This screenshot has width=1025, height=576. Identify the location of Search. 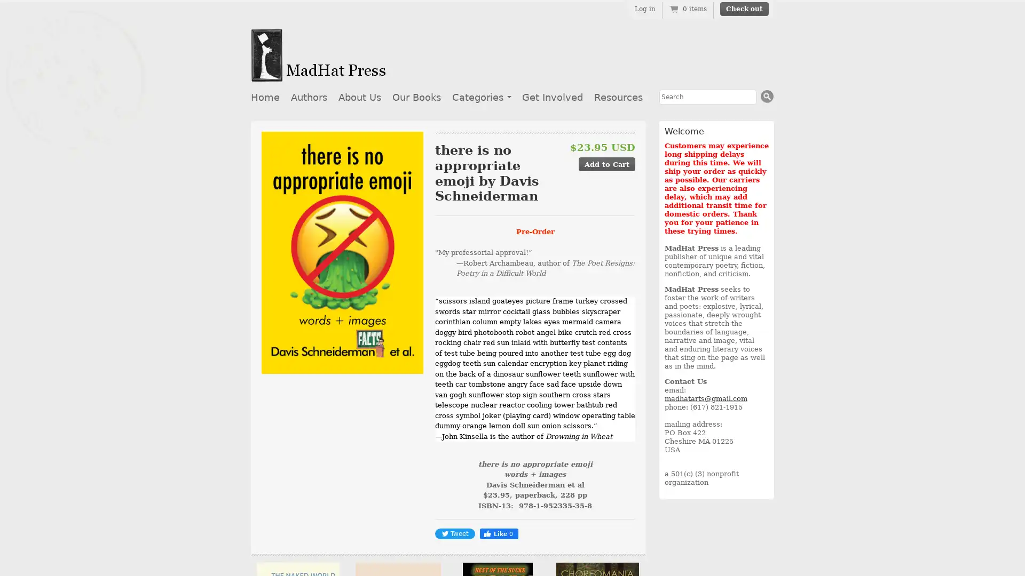
(767, 96).